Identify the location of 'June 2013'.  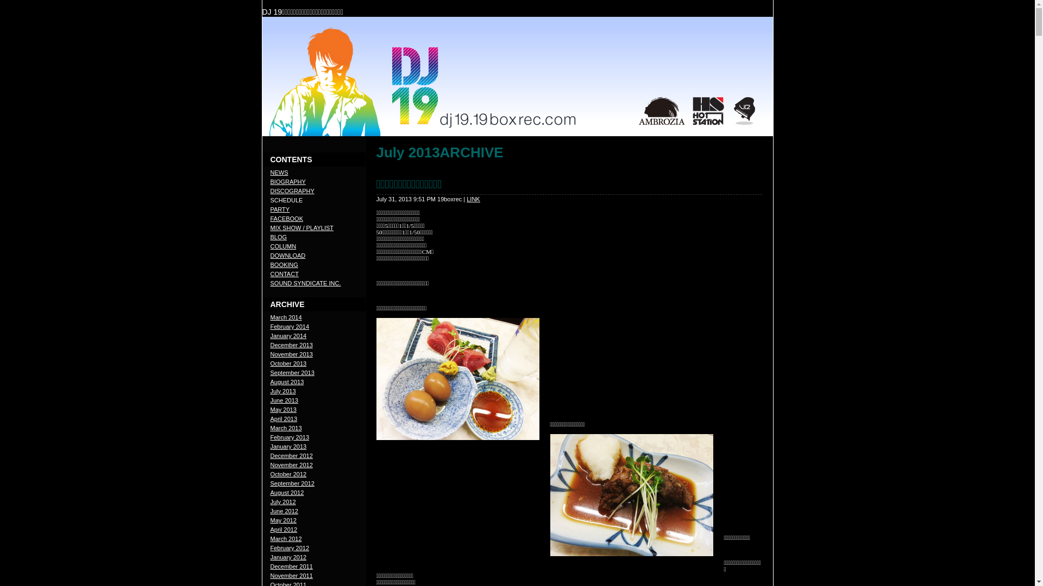
(284, 400).